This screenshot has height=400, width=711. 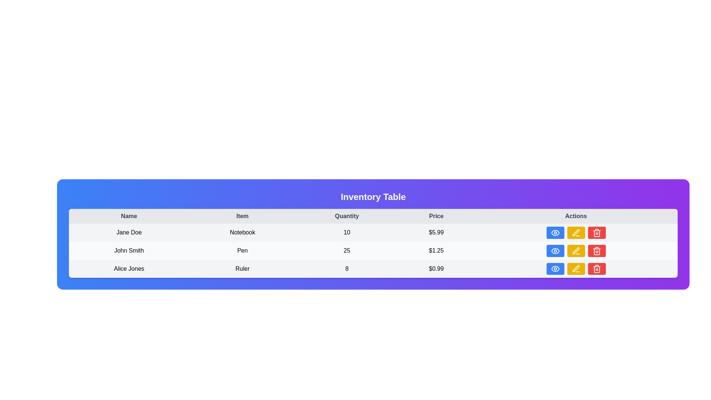 What do you see at coordinates (575, 269) in the screenshot?
I see `the edit button` at bounding box center [575, 269].